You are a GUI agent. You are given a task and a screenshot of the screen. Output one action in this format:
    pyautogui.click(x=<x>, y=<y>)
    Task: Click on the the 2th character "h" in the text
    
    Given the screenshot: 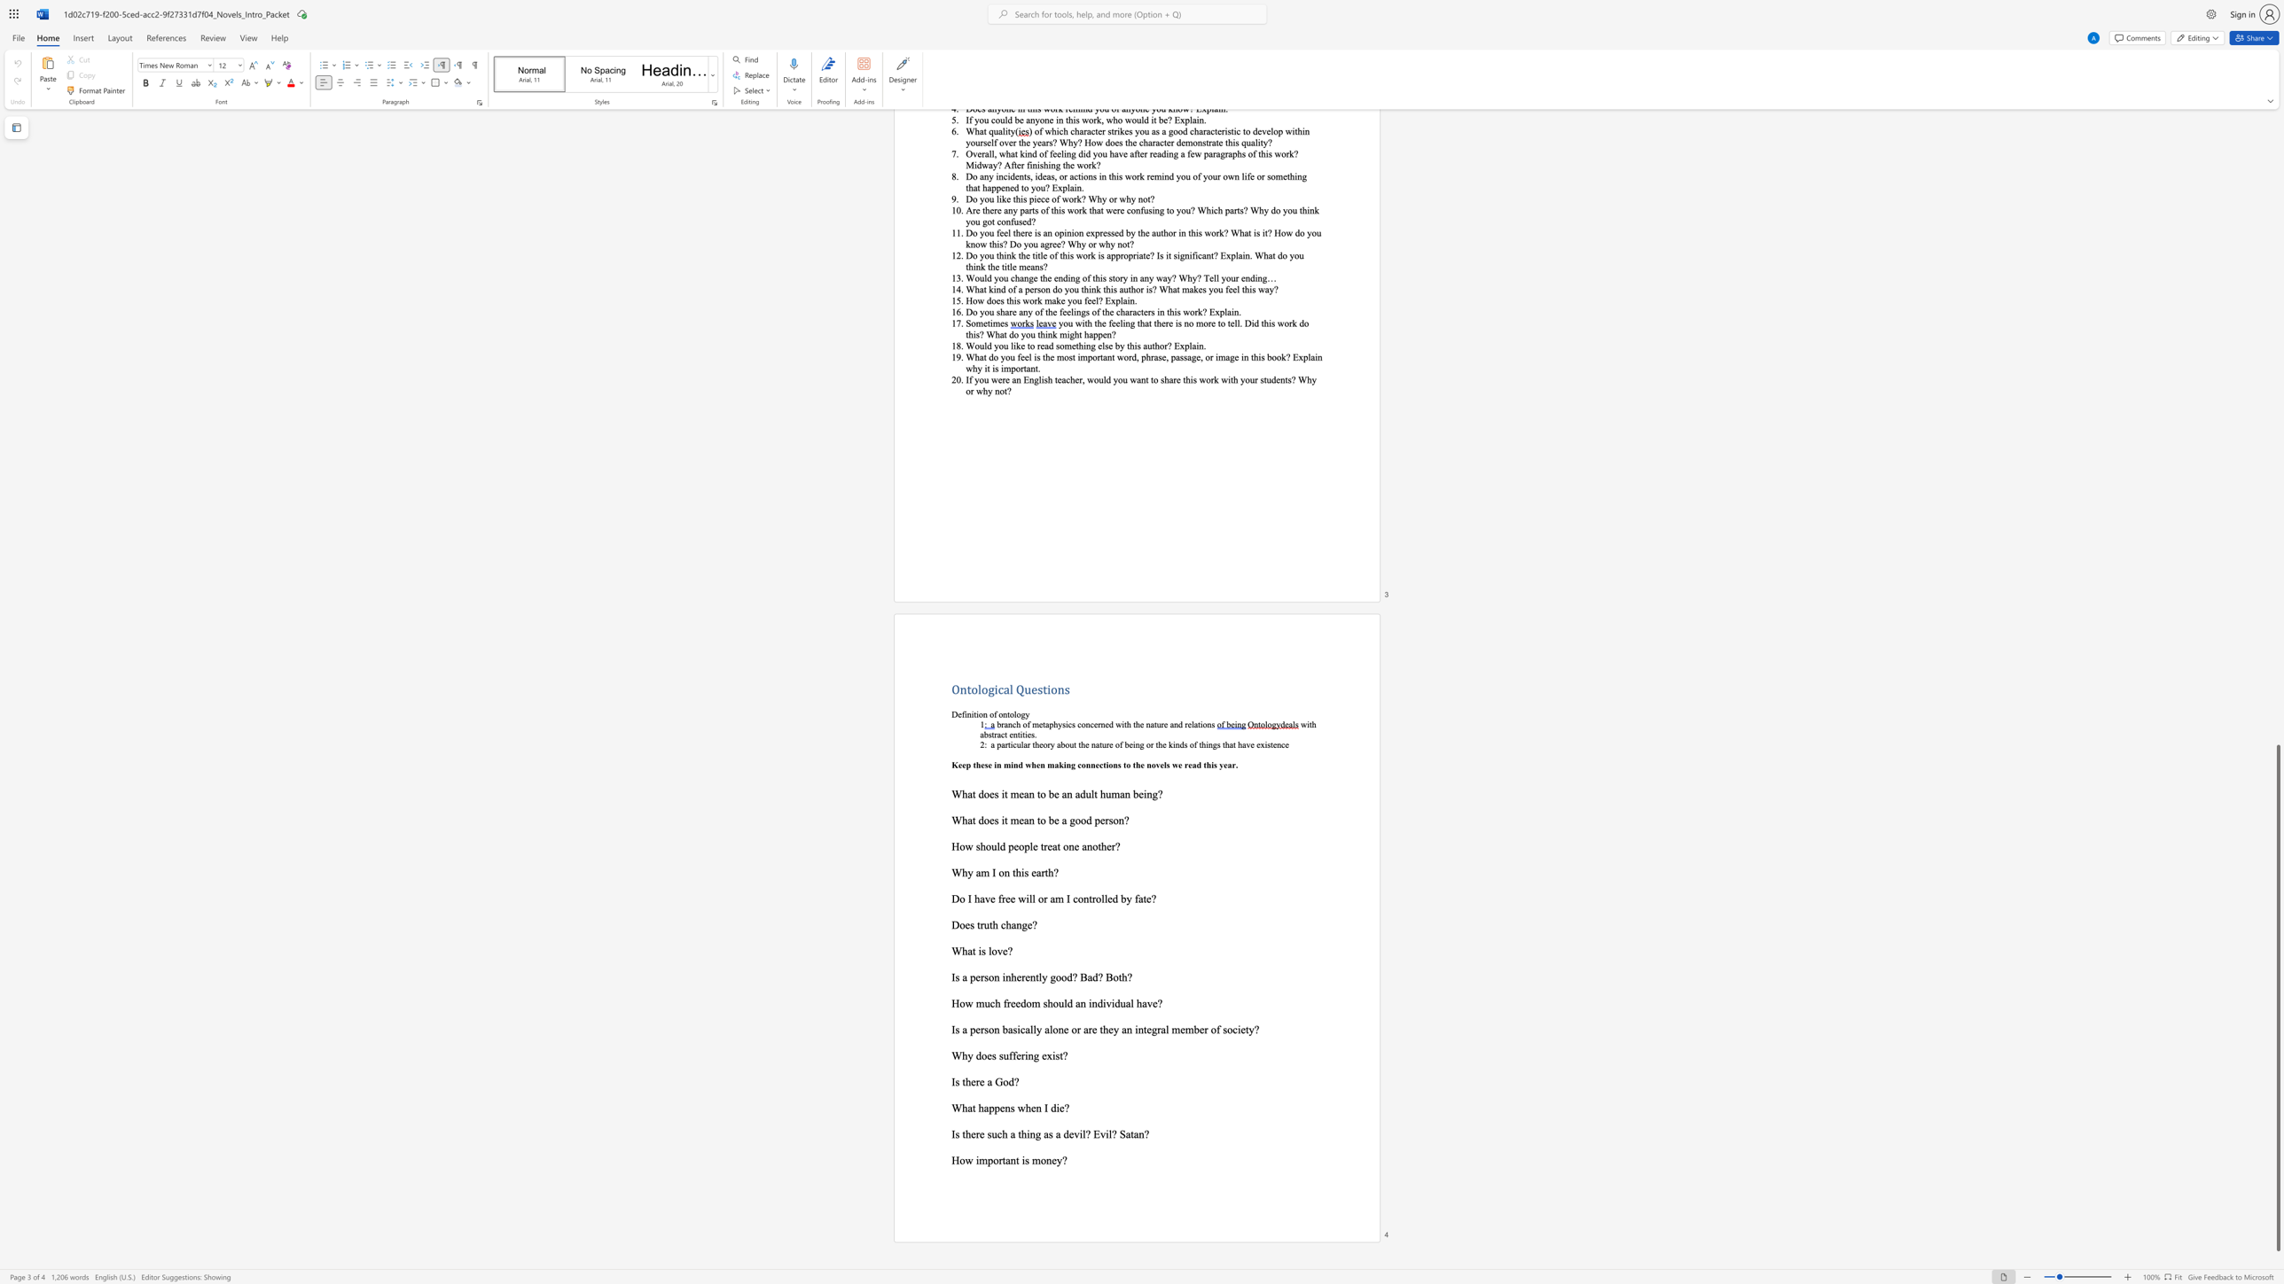 What is the action you would take?
    pyautogui.click(x=1033, y=764)
    